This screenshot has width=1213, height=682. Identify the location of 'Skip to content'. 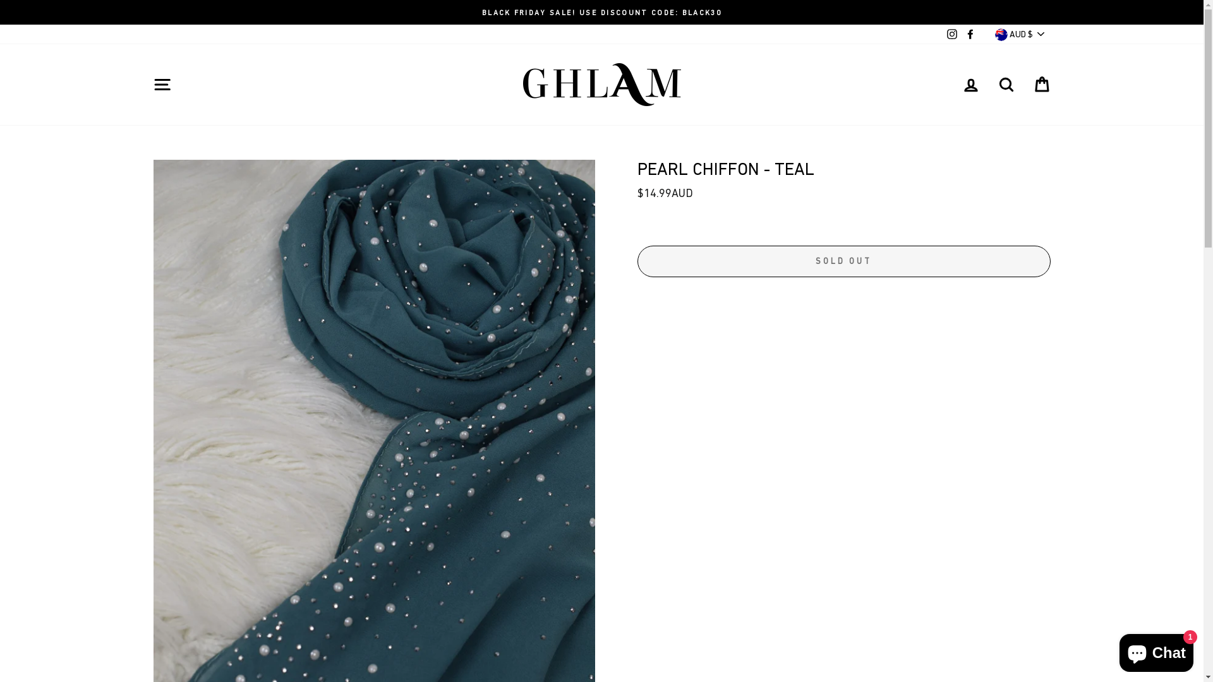
(0, 0).